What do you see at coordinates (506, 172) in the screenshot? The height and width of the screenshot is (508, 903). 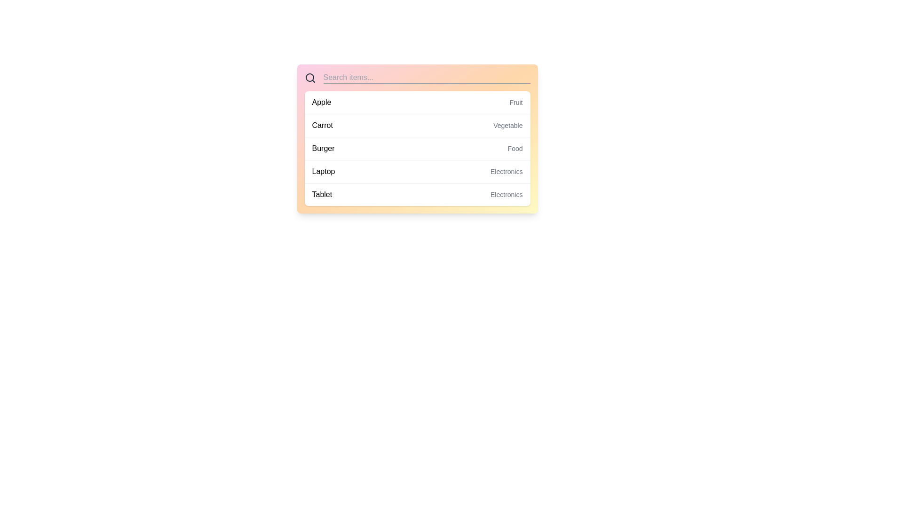 I see `the text label that provides additional information about the 'Laptop' category, positioned inside the row labeled 'Laptop' and aligned to the far right` at bounding box center [506, 172].